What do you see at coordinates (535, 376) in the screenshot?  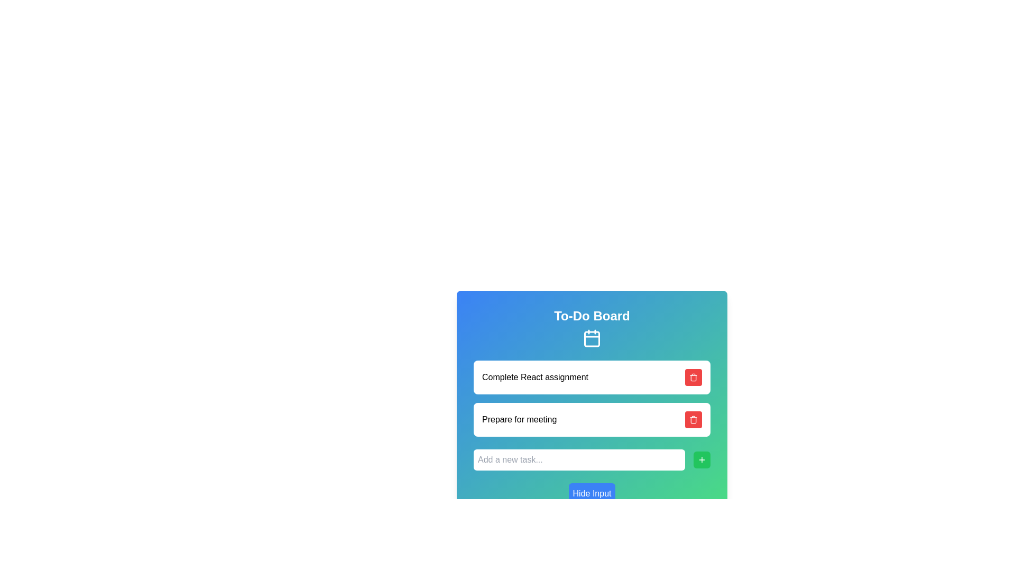 I see `the task label in the upper section of the 'To-Do Board' interface, which identifies a specific task` at bounding box center [535, 376].